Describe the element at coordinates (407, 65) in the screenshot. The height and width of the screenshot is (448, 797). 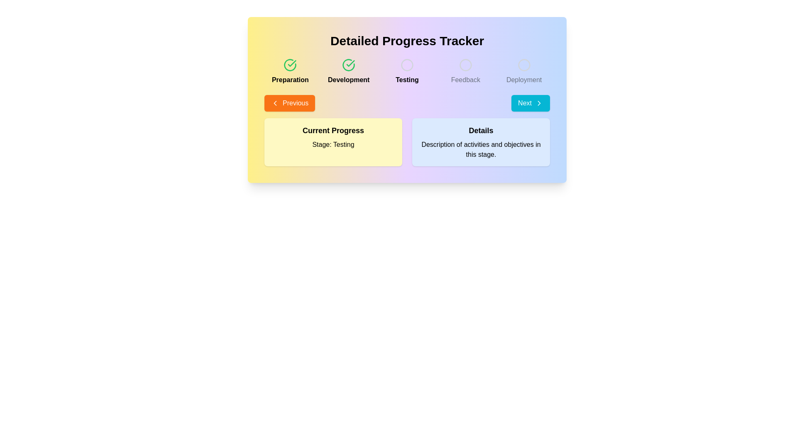
I see `the circular graphic indicator that serves as a progress tracker, positioned centrally under the 'Detailed Progress Tracker' title` at that location.